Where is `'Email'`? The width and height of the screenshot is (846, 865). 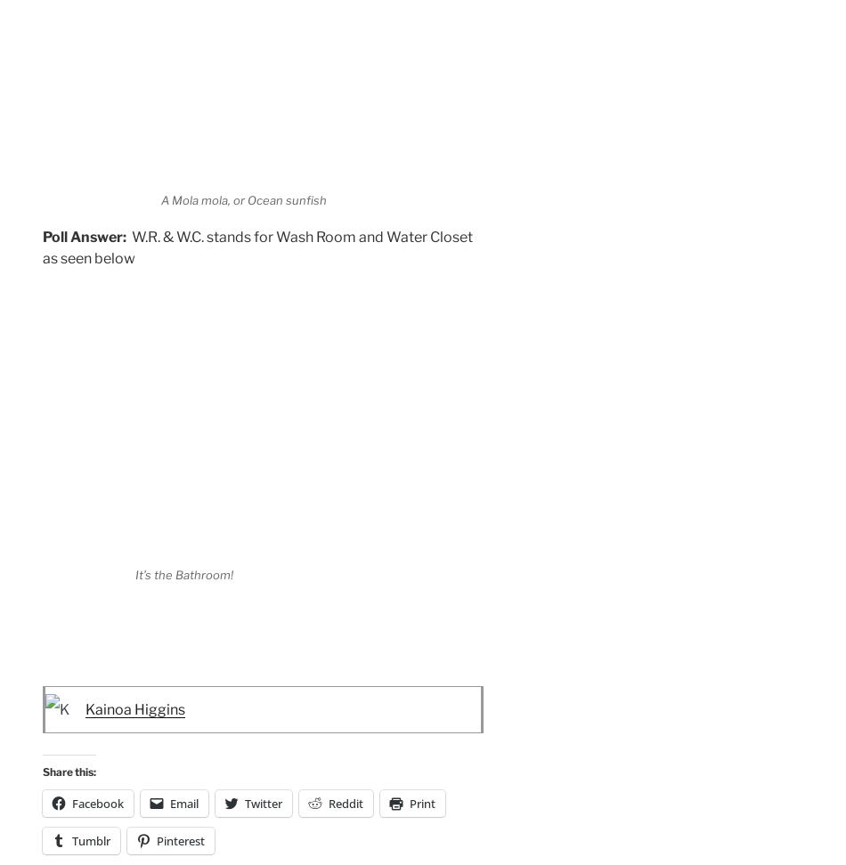
'Email' is located at coordinates (170, 803).